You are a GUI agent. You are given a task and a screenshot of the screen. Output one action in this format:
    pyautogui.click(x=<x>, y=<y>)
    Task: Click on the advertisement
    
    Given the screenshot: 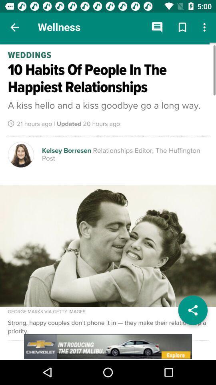 What is the action you would take?
    pyautogui.click(x=108, y=346)
    